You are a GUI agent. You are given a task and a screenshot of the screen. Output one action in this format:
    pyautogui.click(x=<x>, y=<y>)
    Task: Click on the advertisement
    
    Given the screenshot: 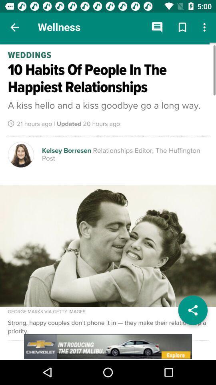 What is the action you would take?
    pyautogui.click(x=108, y=346)
    